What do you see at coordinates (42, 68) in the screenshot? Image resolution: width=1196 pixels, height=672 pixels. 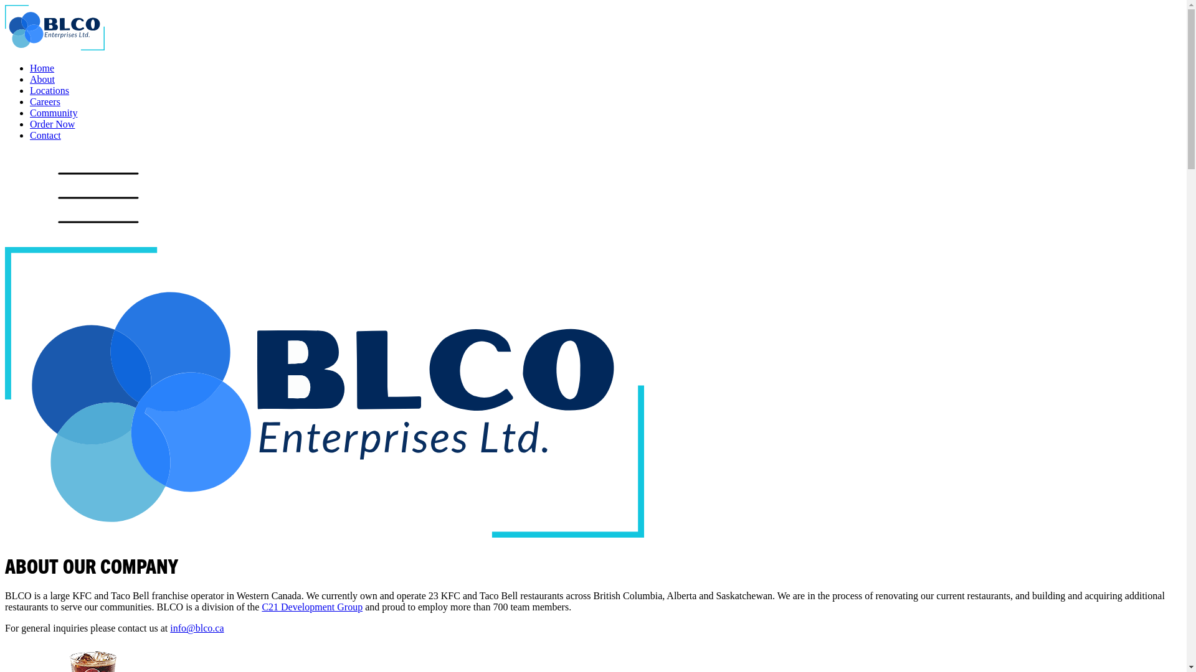 I see `'Home'` at bounding box center [42, 68].